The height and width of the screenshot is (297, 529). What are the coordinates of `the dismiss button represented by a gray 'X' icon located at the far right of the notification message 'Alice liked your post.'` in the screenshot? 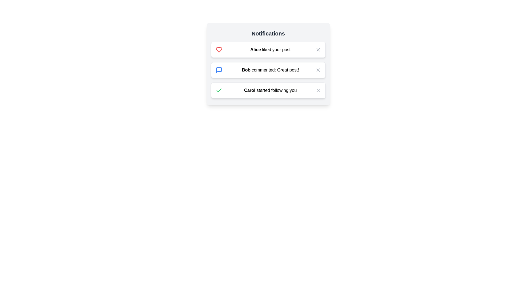 It's located at (318, 50).